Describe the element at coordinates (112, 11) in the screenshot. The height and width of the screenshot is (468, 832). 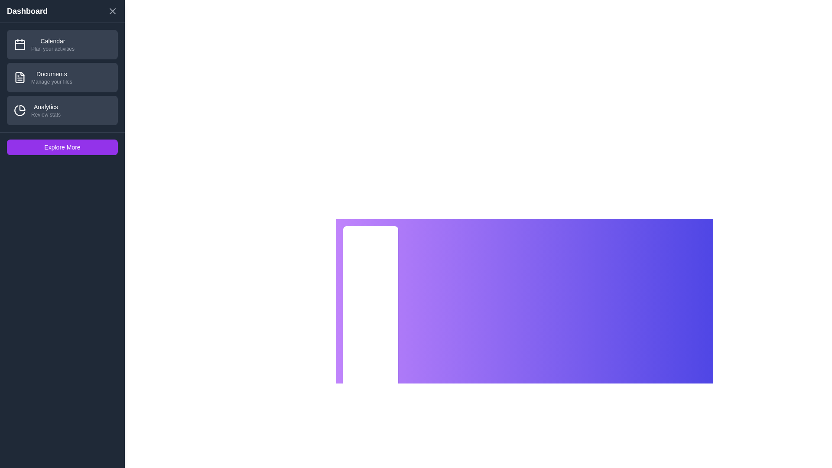
I see `close button to close the drawer` at that location.